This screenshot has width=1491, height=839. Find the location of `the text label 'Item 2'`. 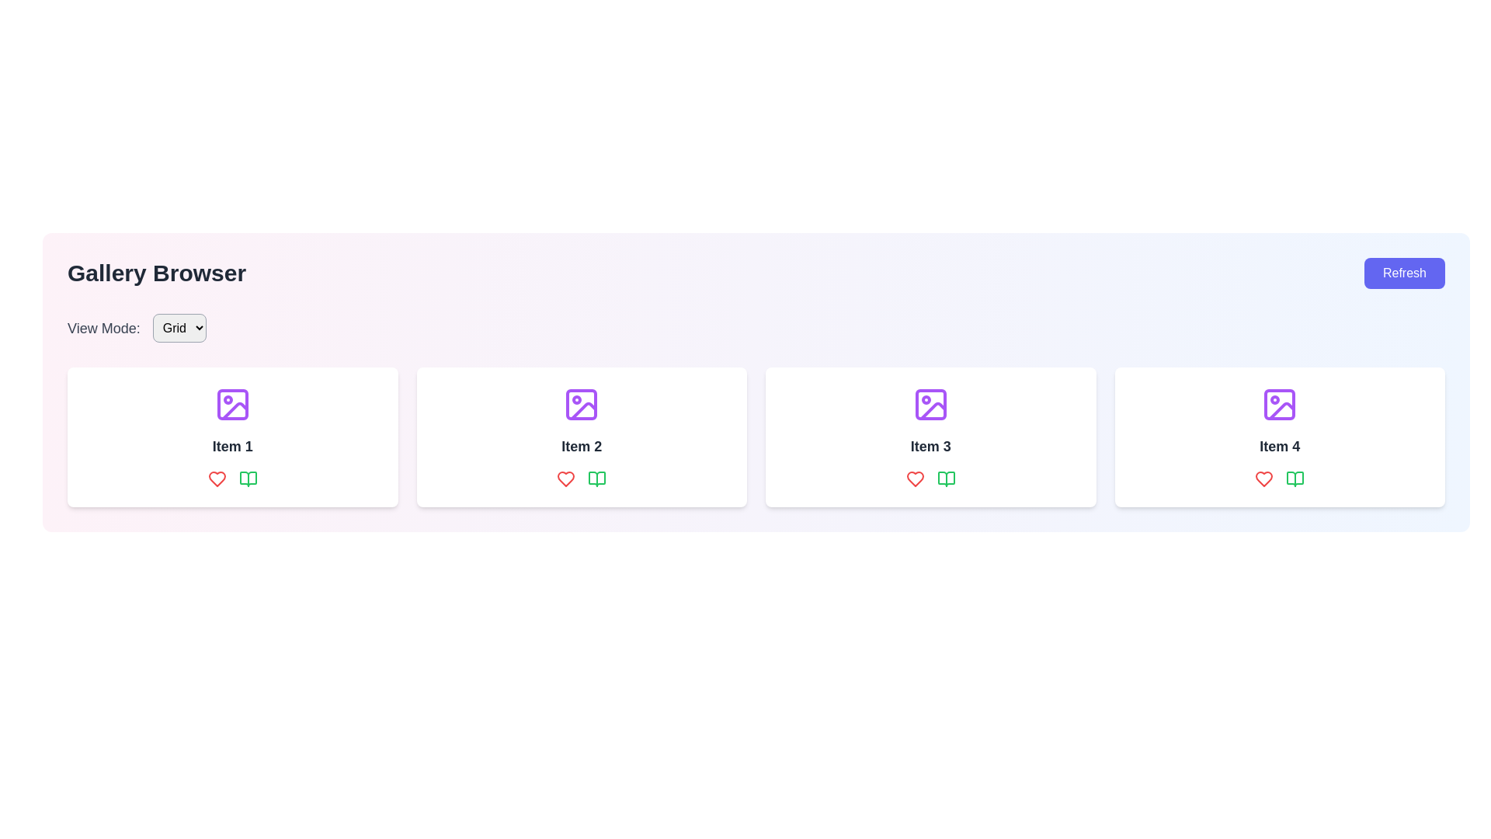

the text label 'Item 2' is located at coordinates (581, 446).